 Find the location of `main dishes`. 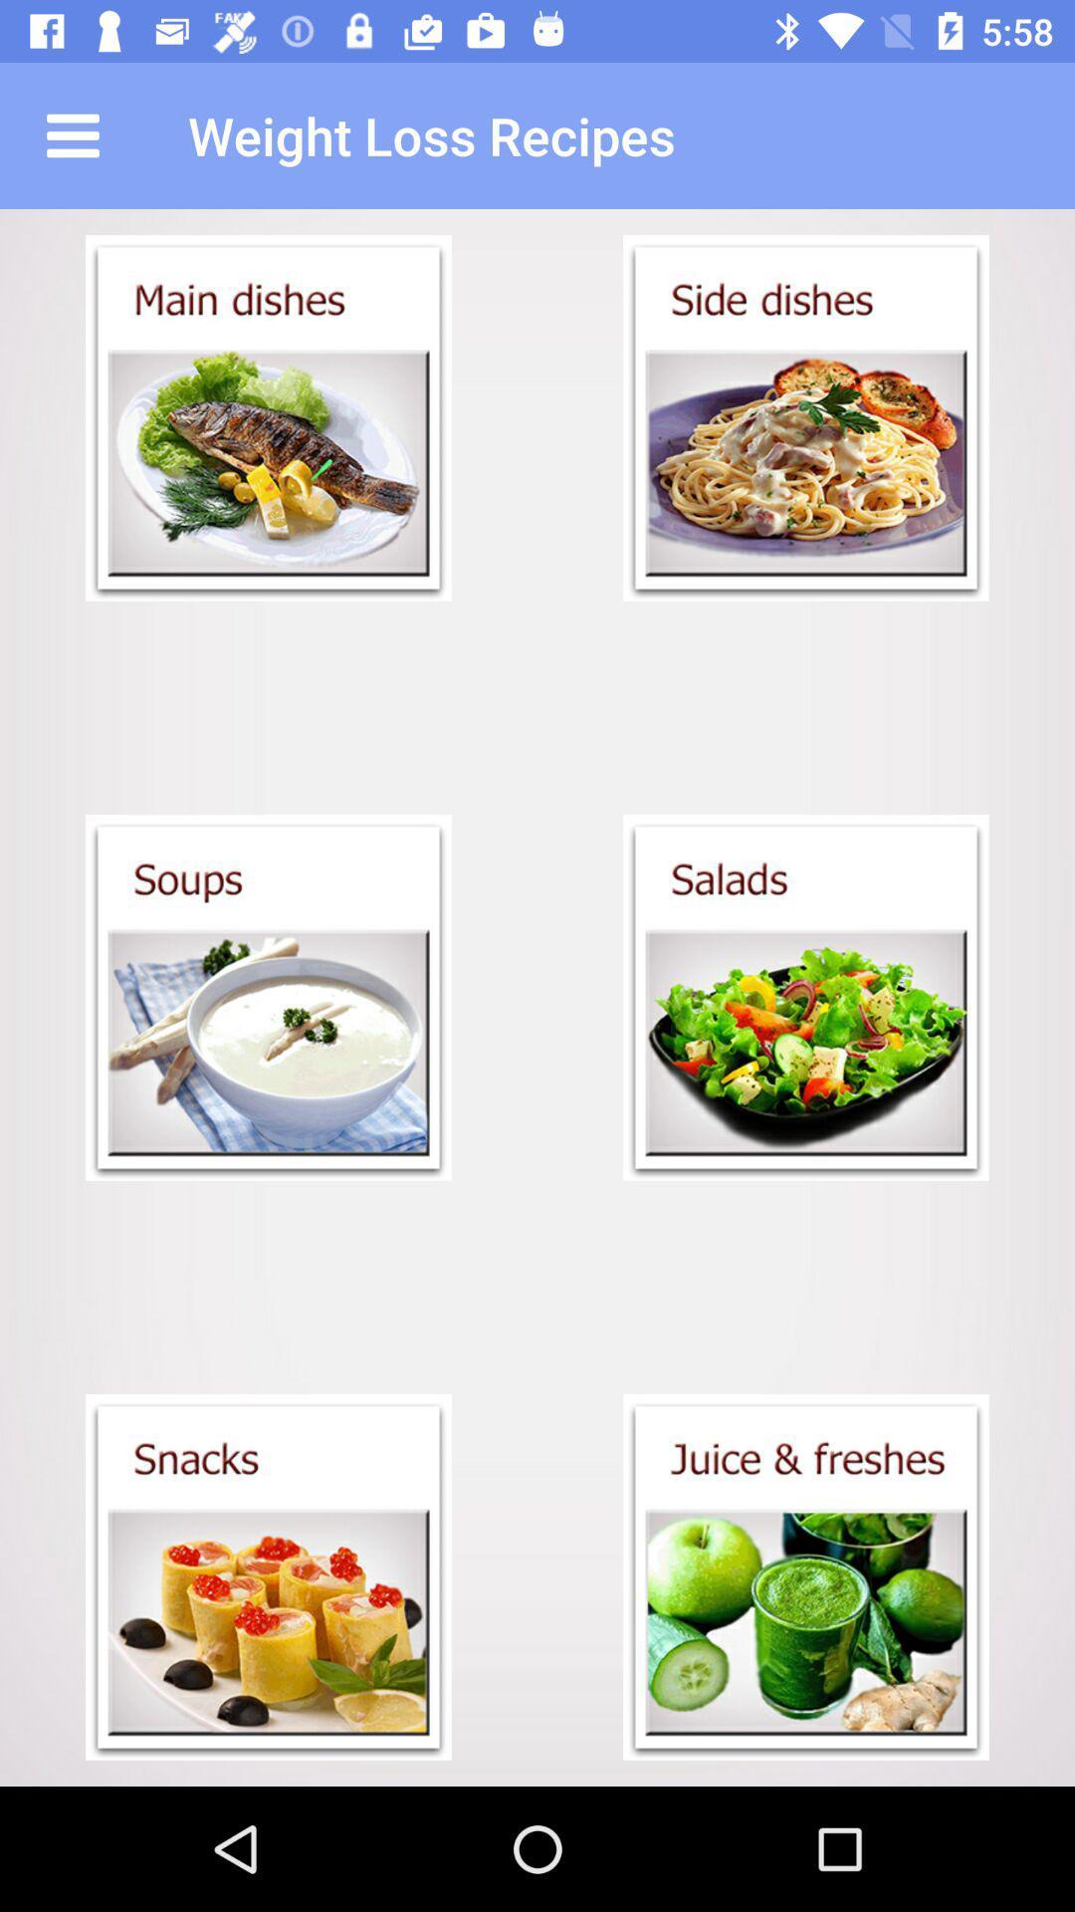

main dishes is located at coordinates (269, 417).